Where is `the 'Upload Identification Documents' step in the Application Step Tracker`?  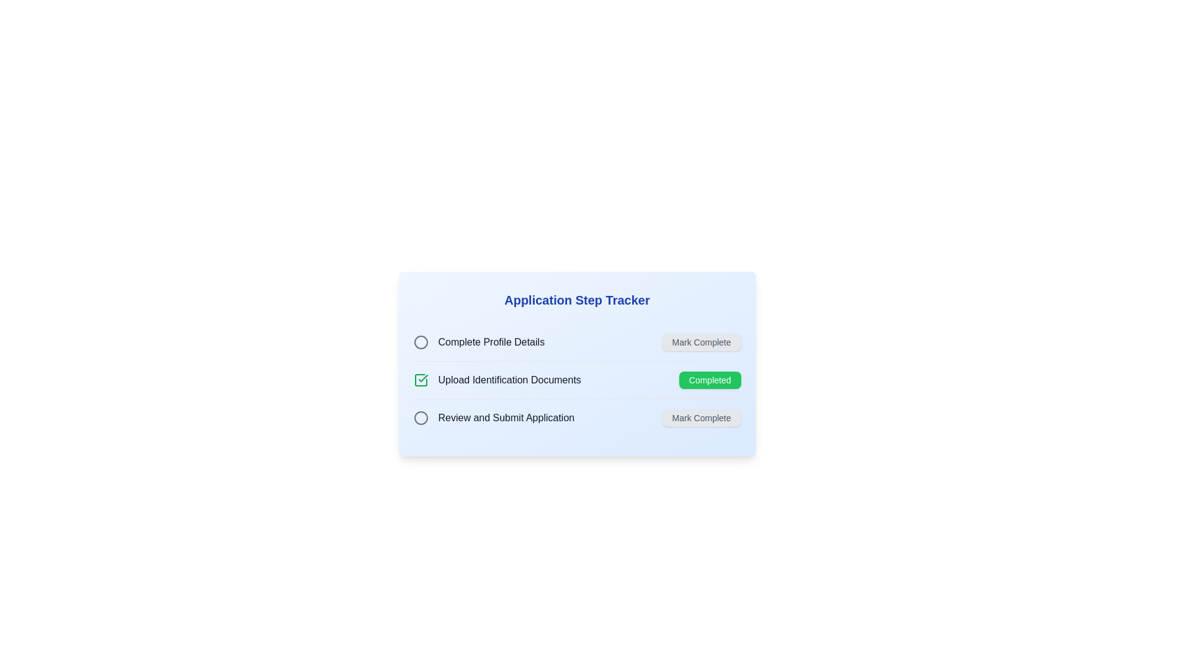
the 'Upload Identification Documents' step in the Application Step Tracker is located at coordinates (576, 363).